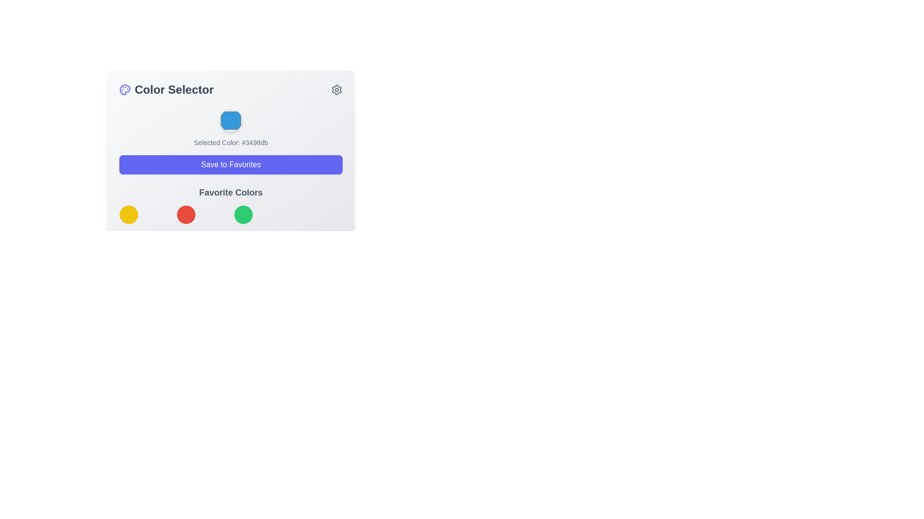 This screenshot has width=924, height=519. I want to click on the third circular color option button in the 'Favorite Colors' section, so click(243, 214).